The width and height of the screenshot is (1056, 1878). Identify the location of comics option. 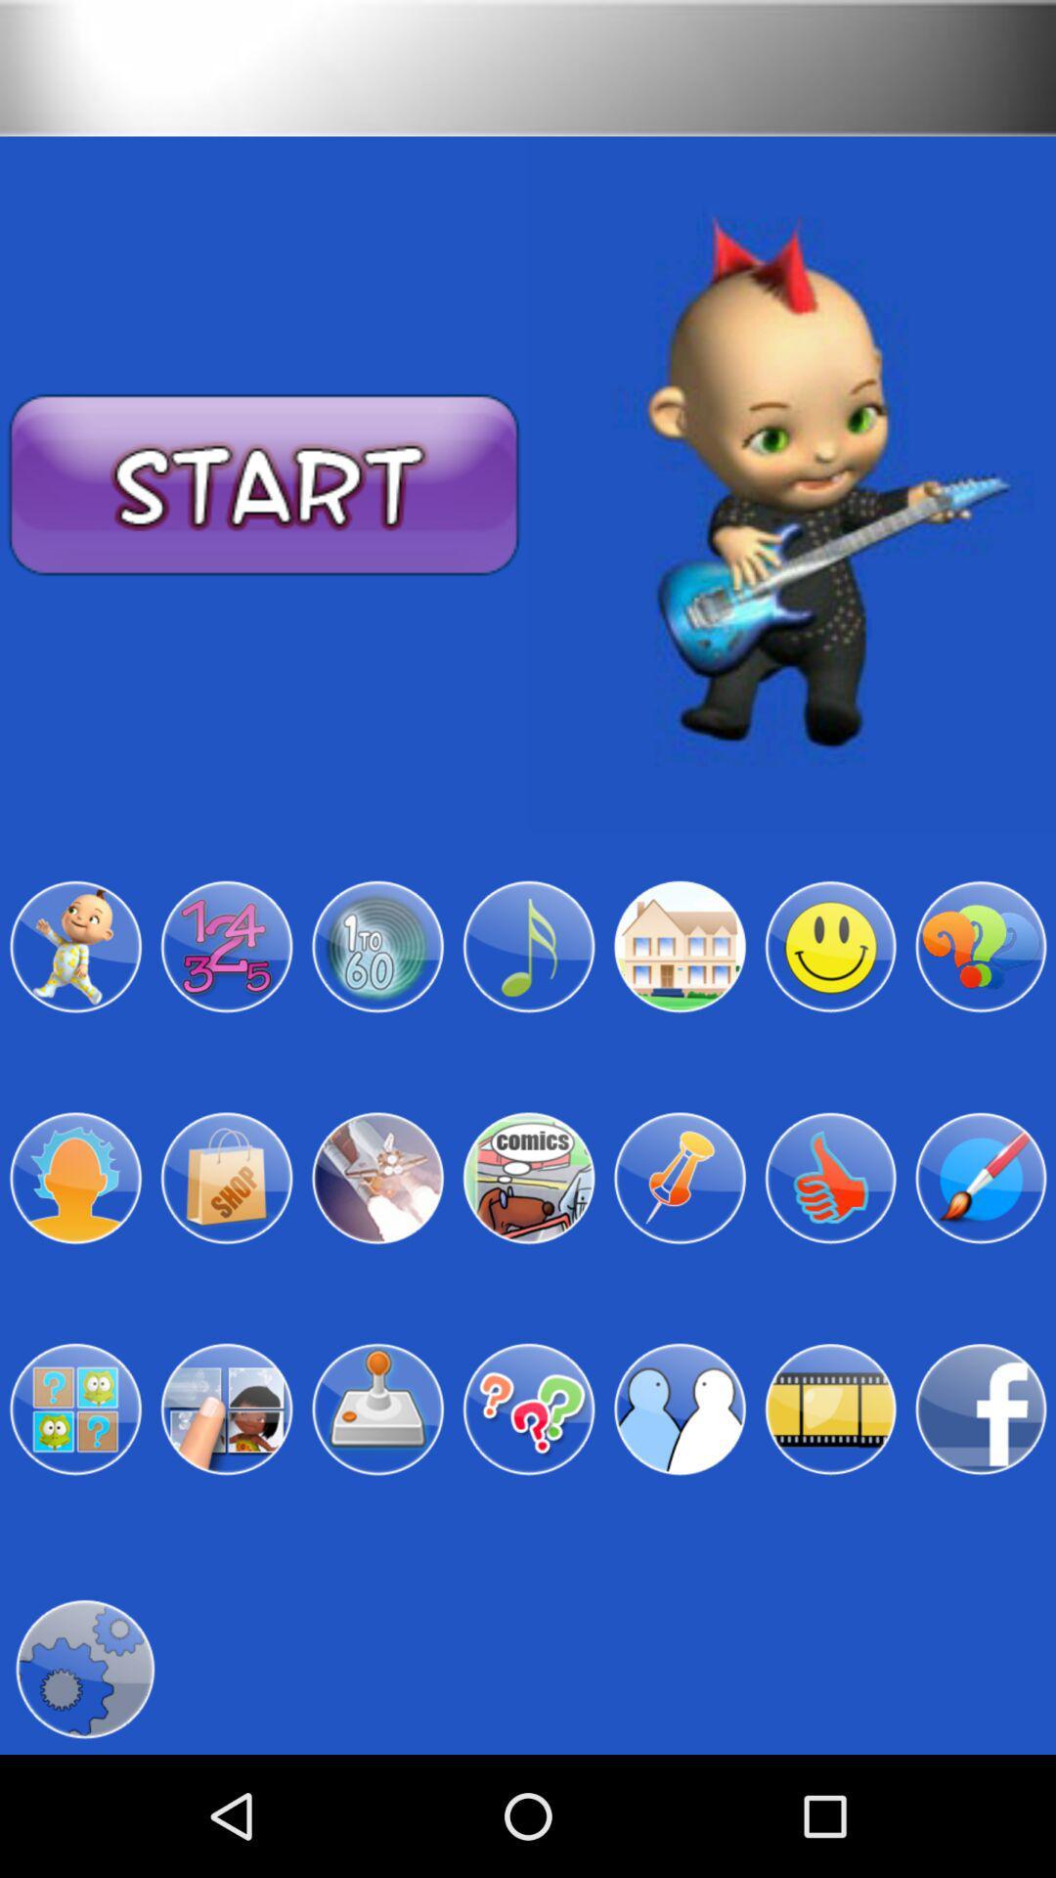
(528, 1177).